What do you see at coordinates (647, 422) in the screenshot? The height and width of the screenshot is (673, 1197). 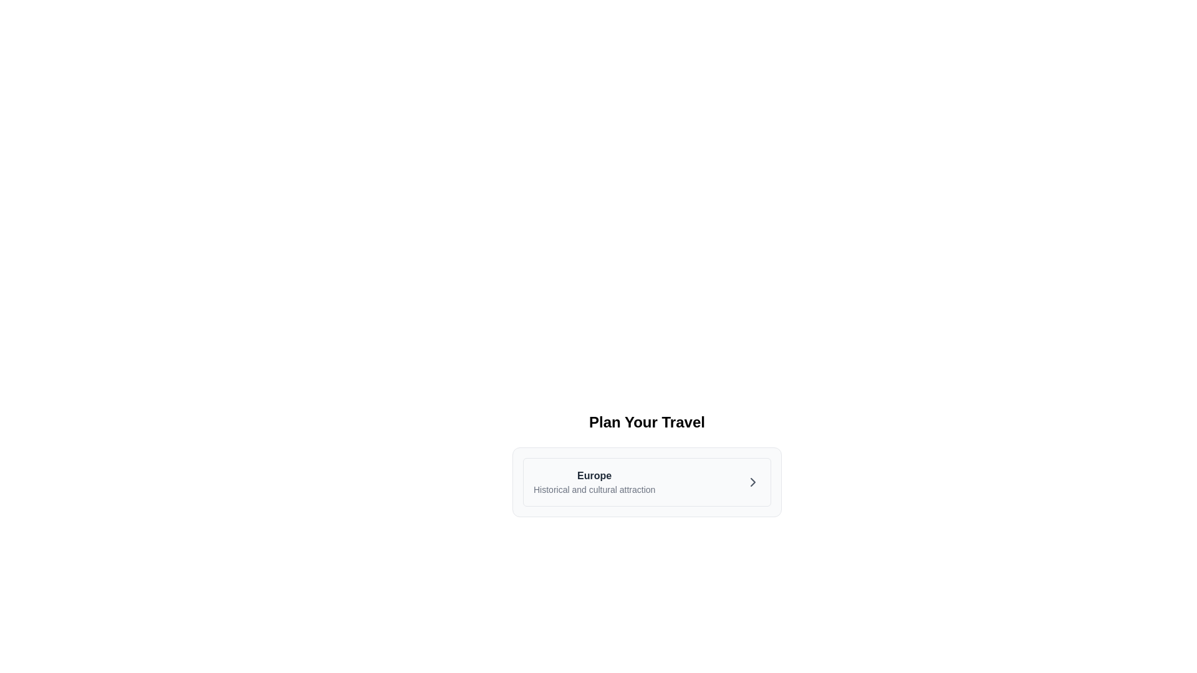 I see `heading text 'Plan Your Travel' which is bold and large, positioned at the top of the section containing travel information` at bounding box center [647, 422].